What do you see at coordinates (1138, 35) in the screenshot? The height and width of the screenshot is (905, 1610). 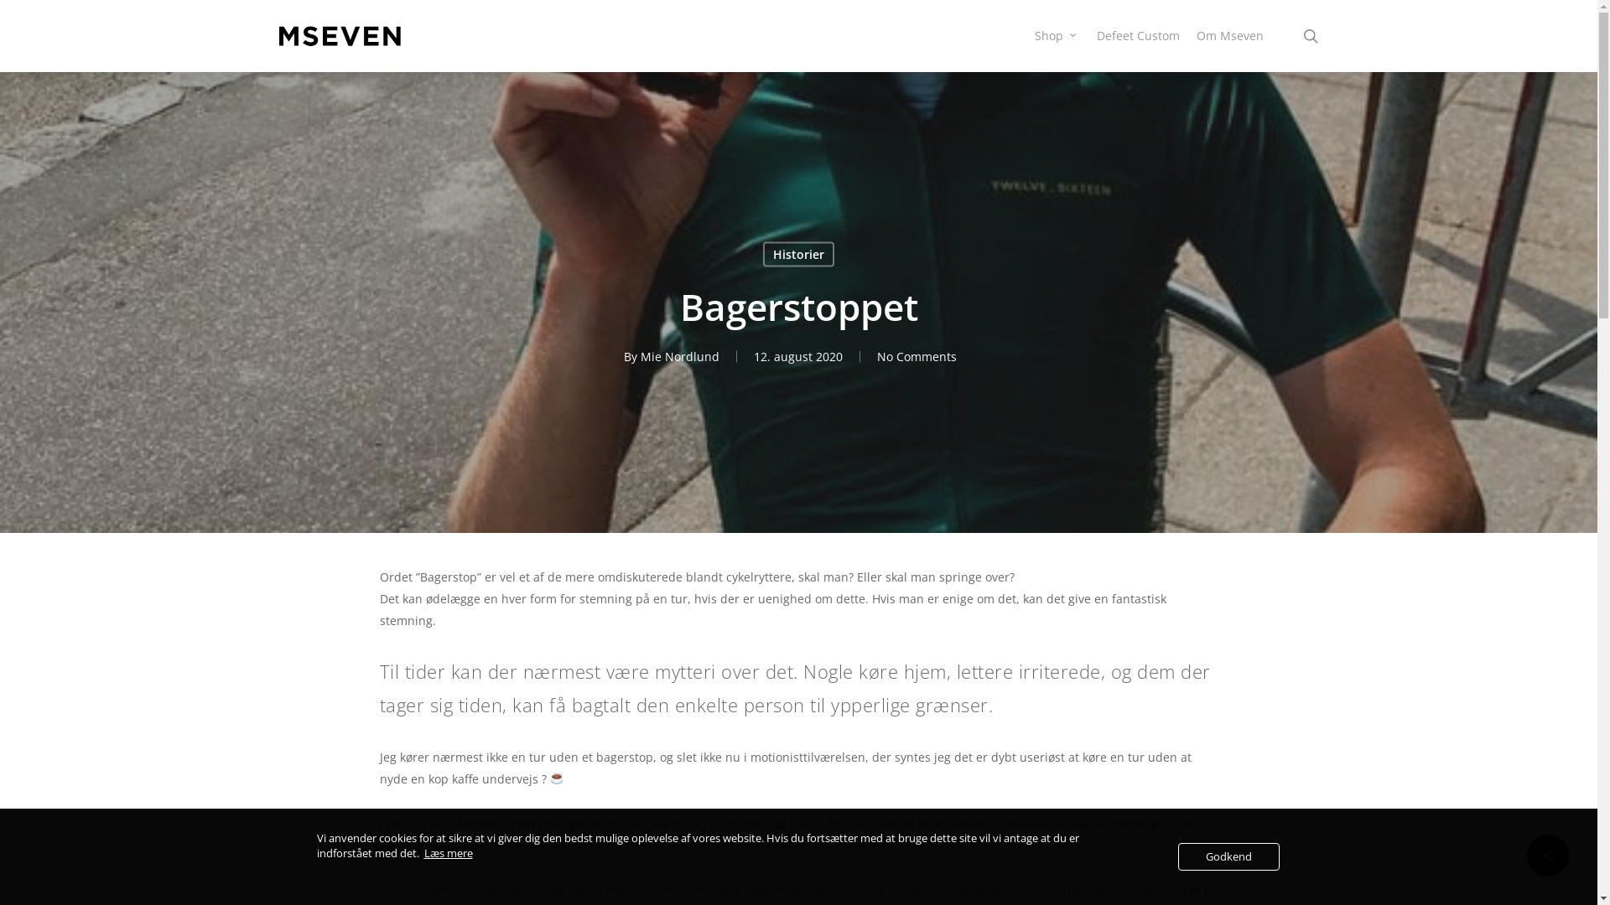 I see `'Defeet Custom'` at bounding box center [1138, 35].